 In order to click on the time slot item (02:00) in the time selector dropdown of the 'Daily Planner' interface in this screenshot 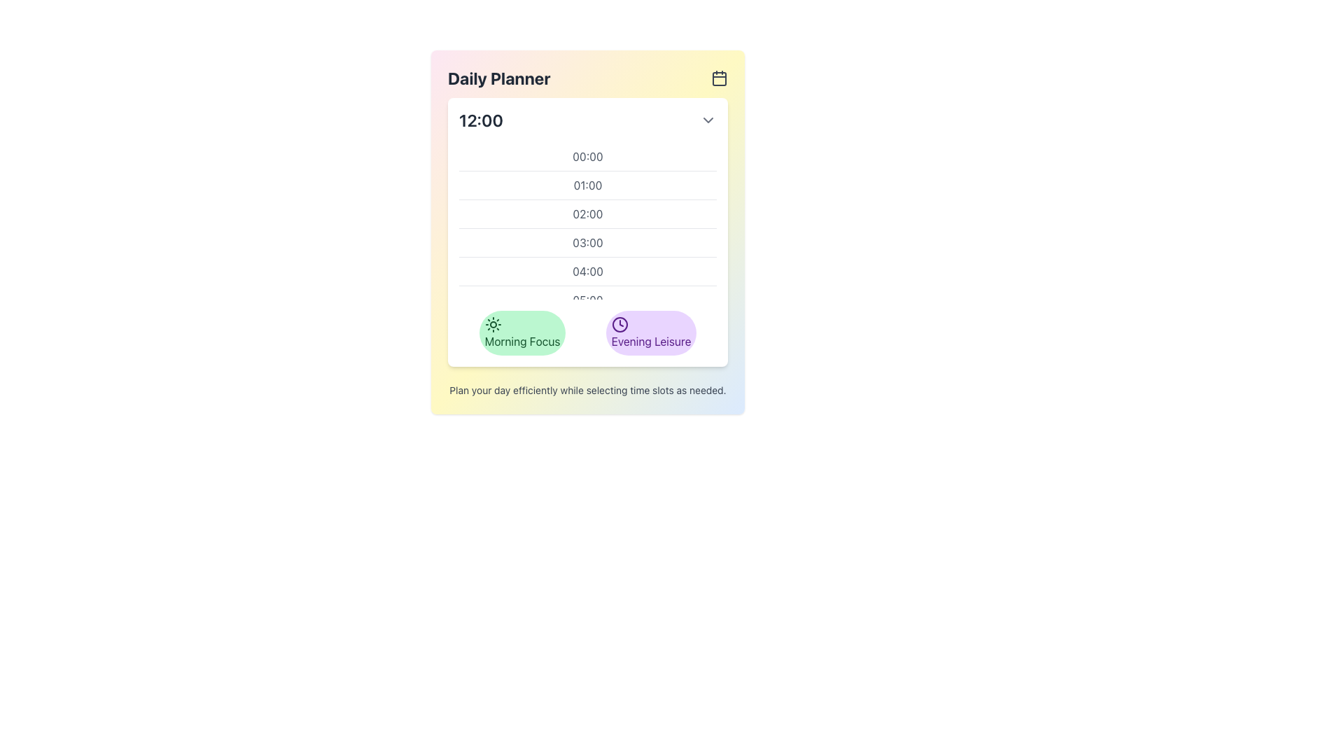, I will do `click(588, 220)`.